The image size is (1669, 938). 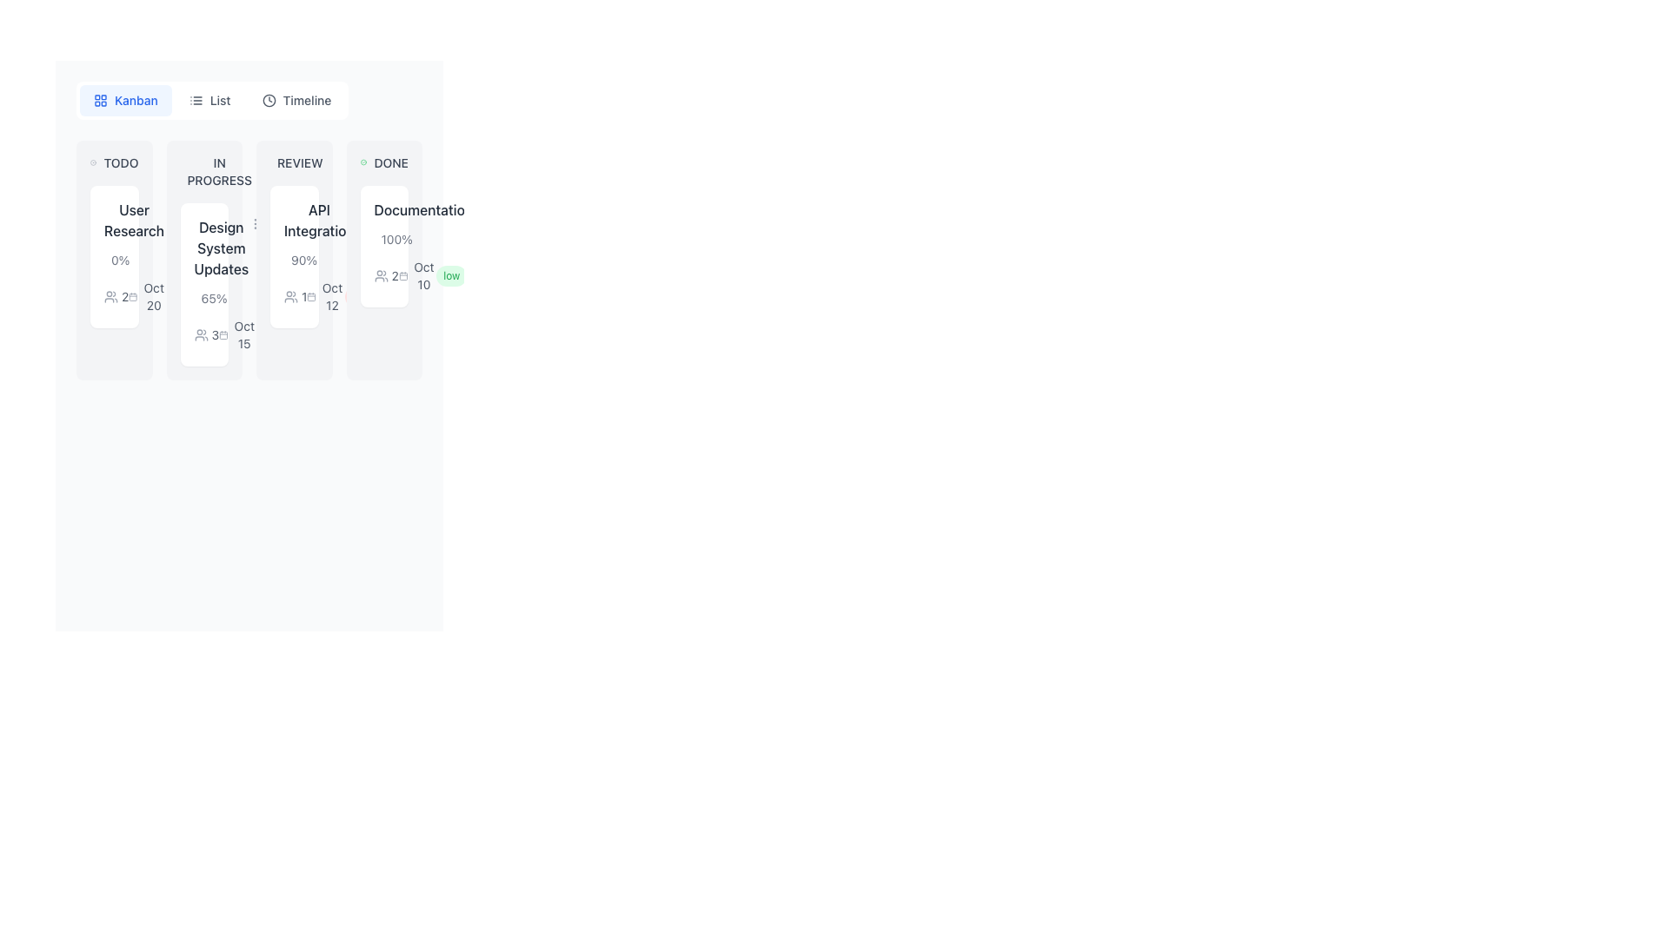 What do you see at coordinates (423, 274) in the screenshot?
I see `the Text Label displaying 'Oct 10', which is styled in gray and located under a calendar icon in the fourth column titled 'DONE'` at bounding box center [423, 274].